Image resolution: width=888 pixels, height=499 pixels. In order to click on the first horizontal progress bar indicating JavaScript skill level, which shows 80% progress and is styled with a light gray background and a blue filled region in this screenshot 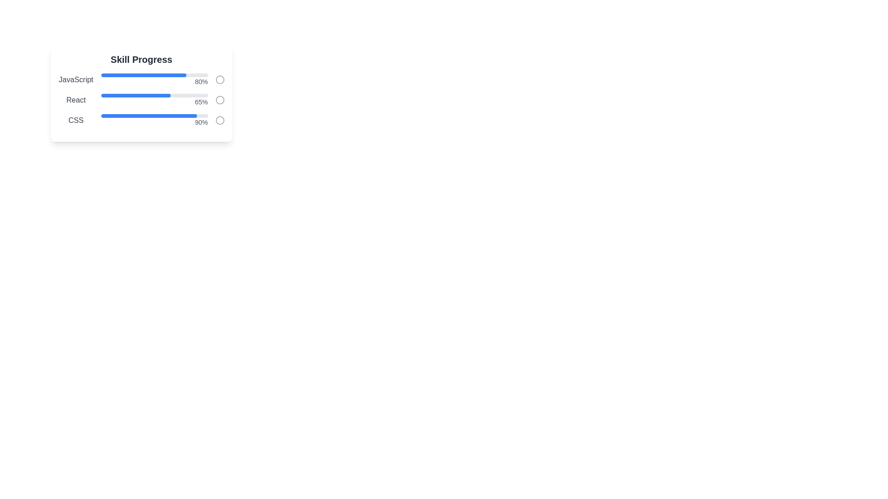, I will do `click(154, 74)`.